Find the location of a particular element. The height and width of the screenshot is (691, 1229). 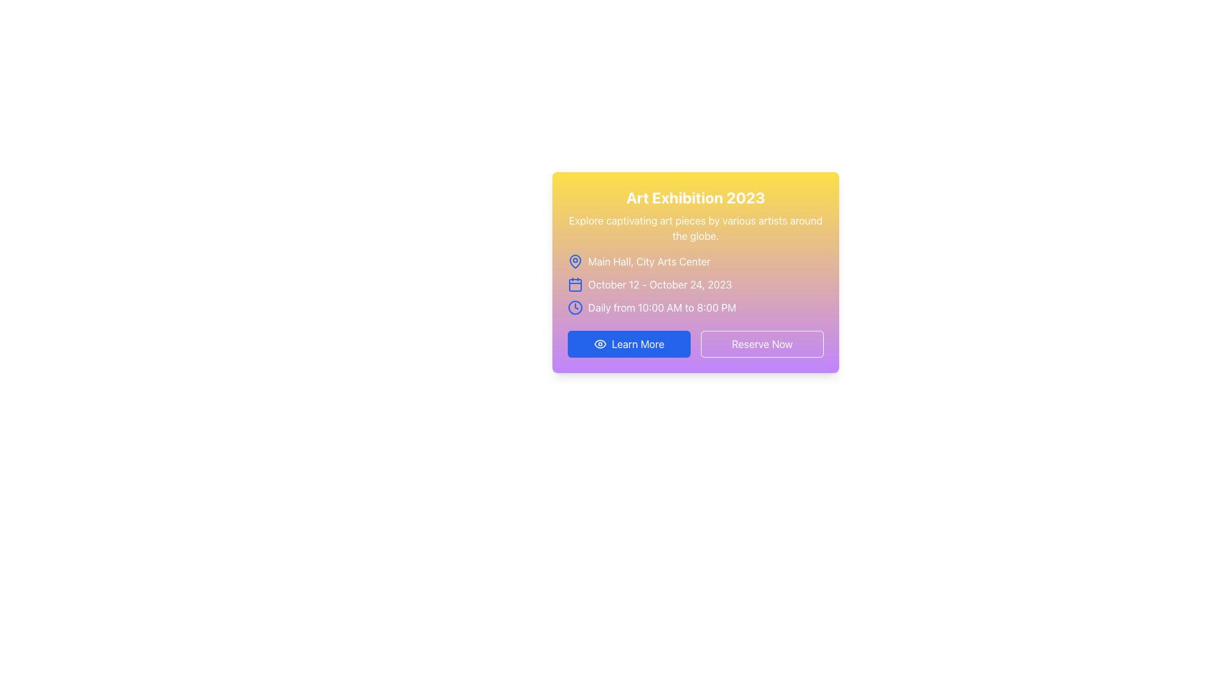

the clock-shaped icon, which is blue and located to the left of the text 'Daily from 10:00 AM to 8:00 PM' is located at coordinates (574, 308).